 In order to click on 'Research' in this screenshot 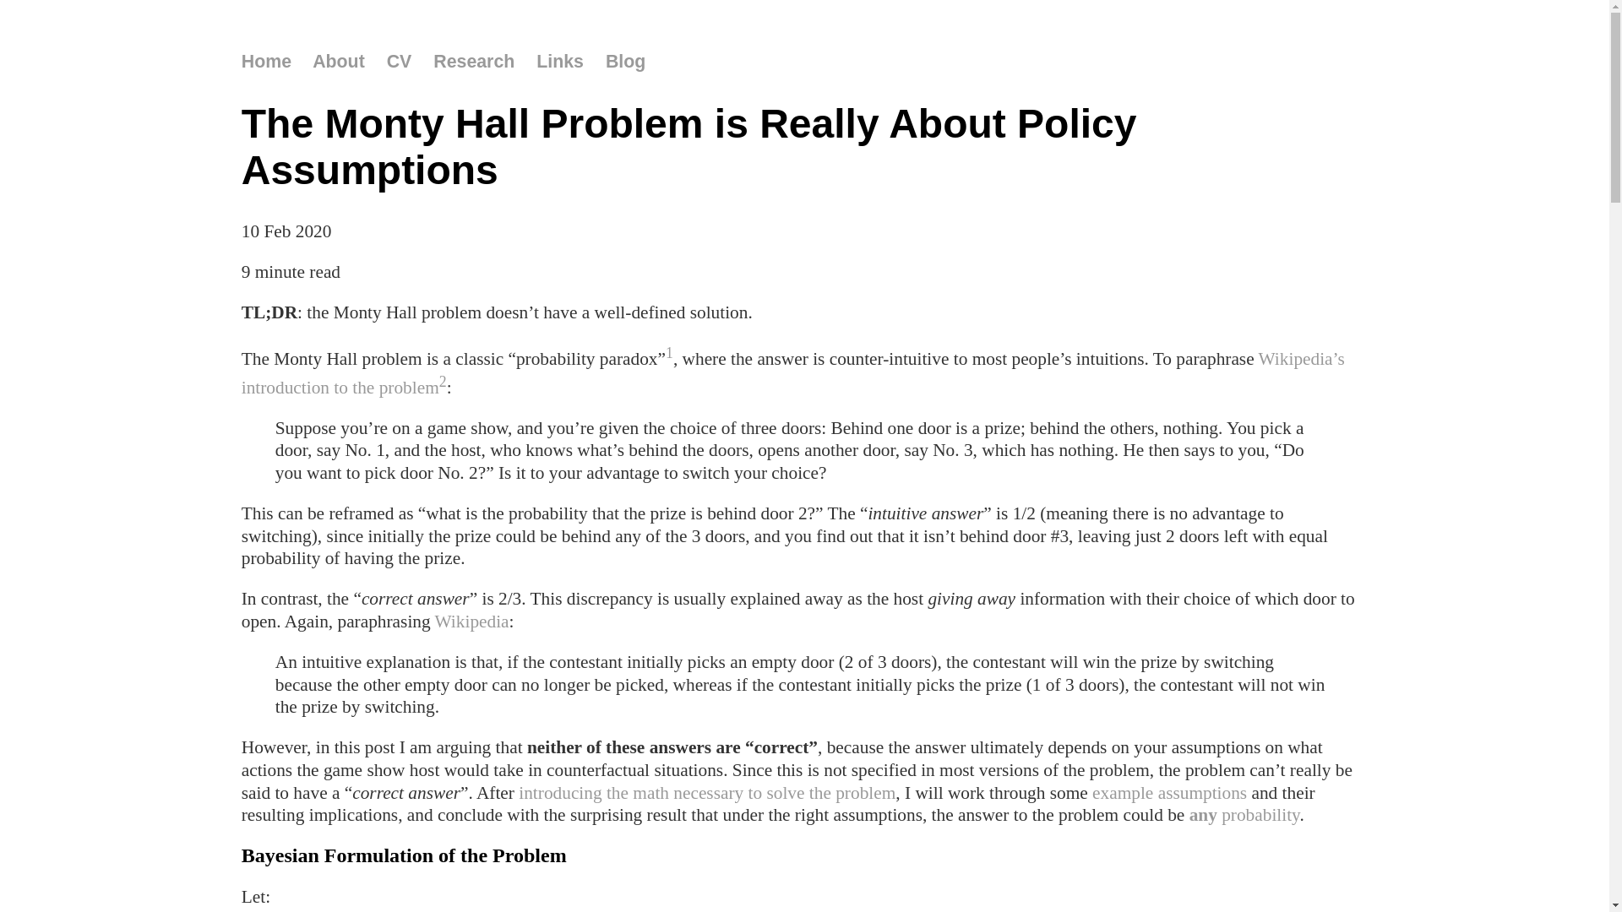, I will do `click(473, 61)`.